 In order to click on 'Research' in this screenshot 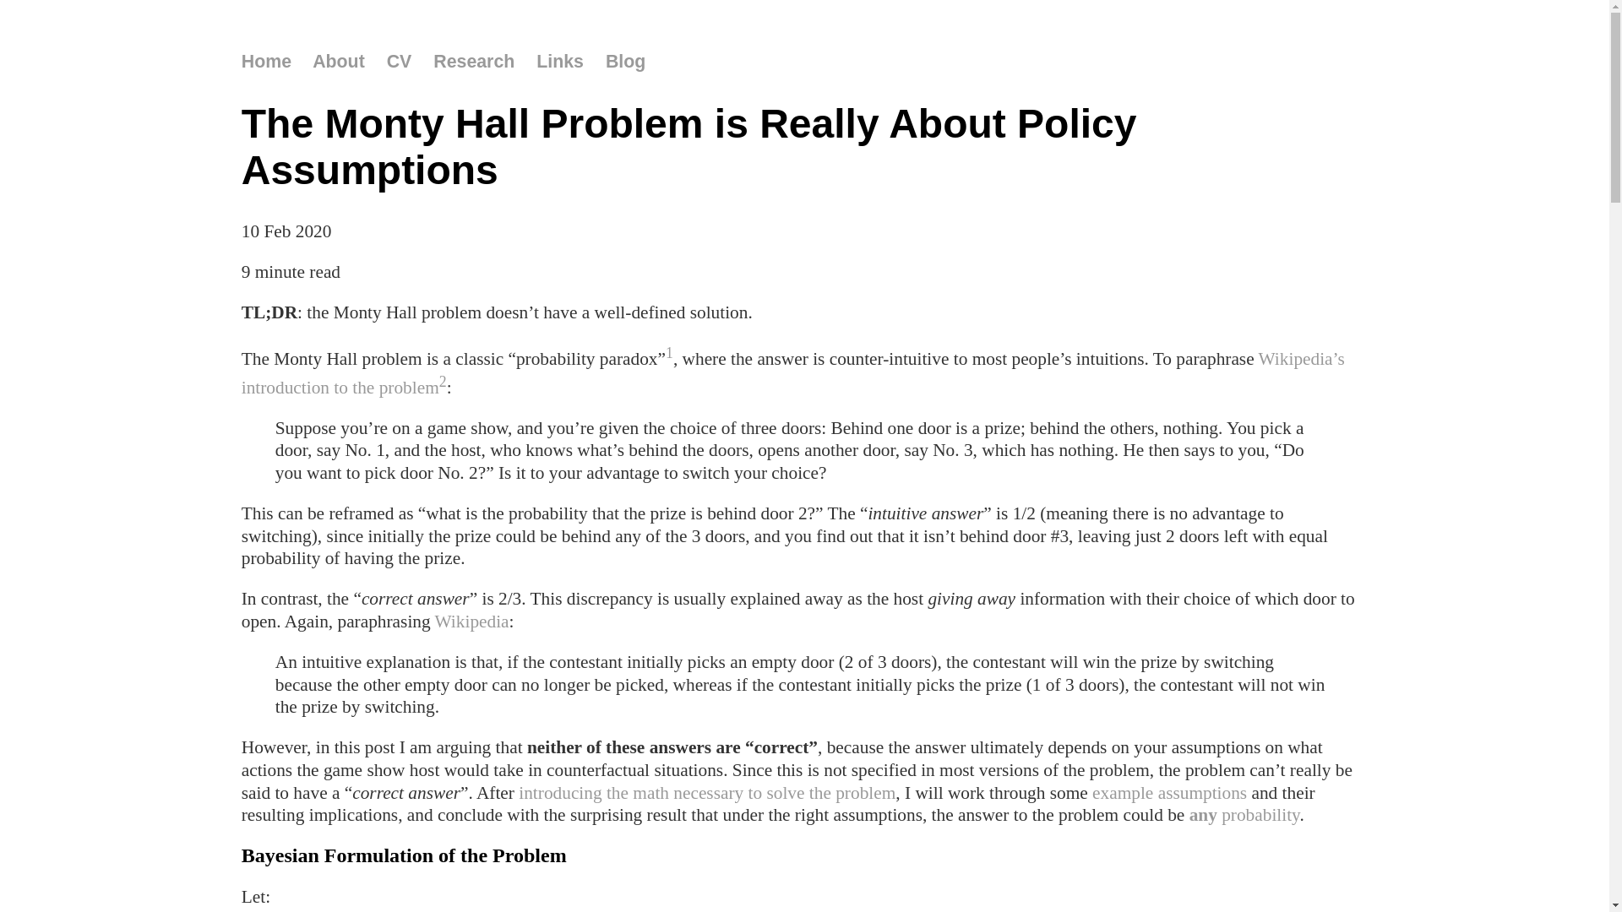, I will do `click(473, 61)`.